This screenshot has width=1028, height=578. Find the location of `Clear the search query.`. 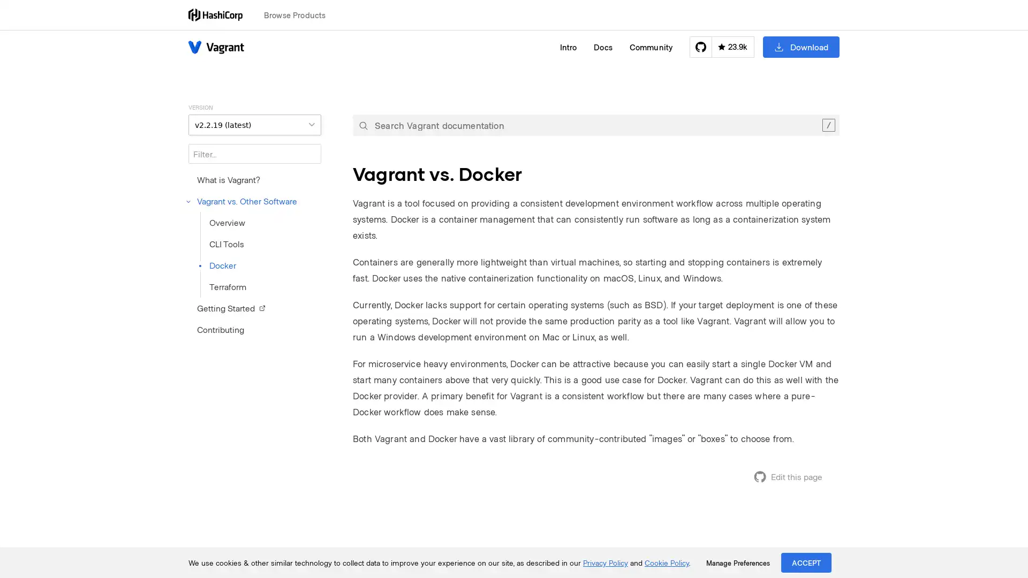

Clear the search query. is located at coordinates (828, 125).